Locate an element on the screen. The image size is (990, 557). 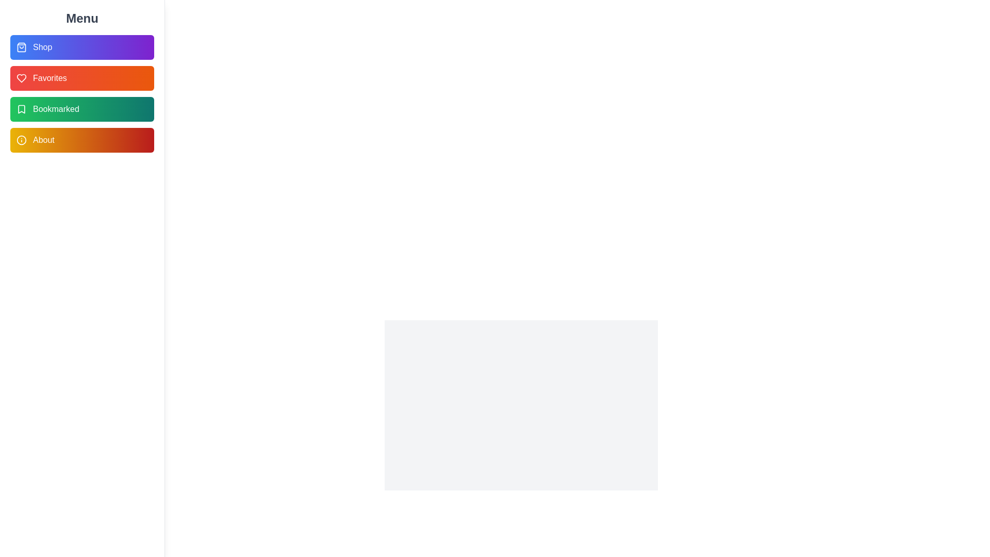
the Favorites menu item is located at coordinates (81, 77).